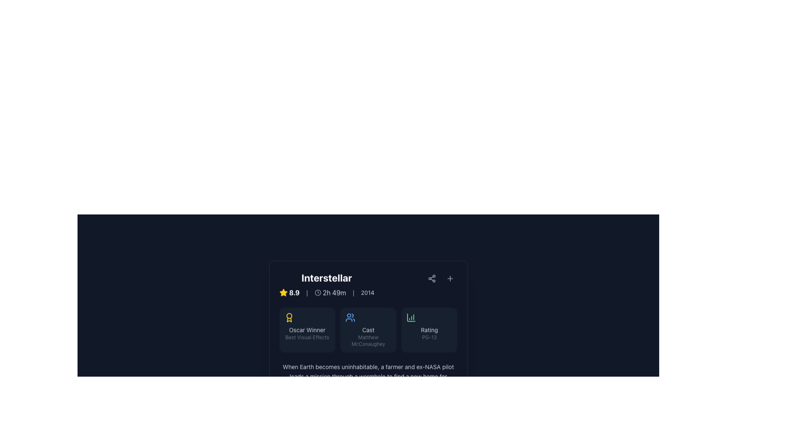 Image resolution: width=796 pixels, height=448 pixels. I want to click on the Feedback indicator displaying the percentages '92%' and '8%' with thumbs-up and thumbs-down icons, located in the bottom region of the modal, so click(368, 424).